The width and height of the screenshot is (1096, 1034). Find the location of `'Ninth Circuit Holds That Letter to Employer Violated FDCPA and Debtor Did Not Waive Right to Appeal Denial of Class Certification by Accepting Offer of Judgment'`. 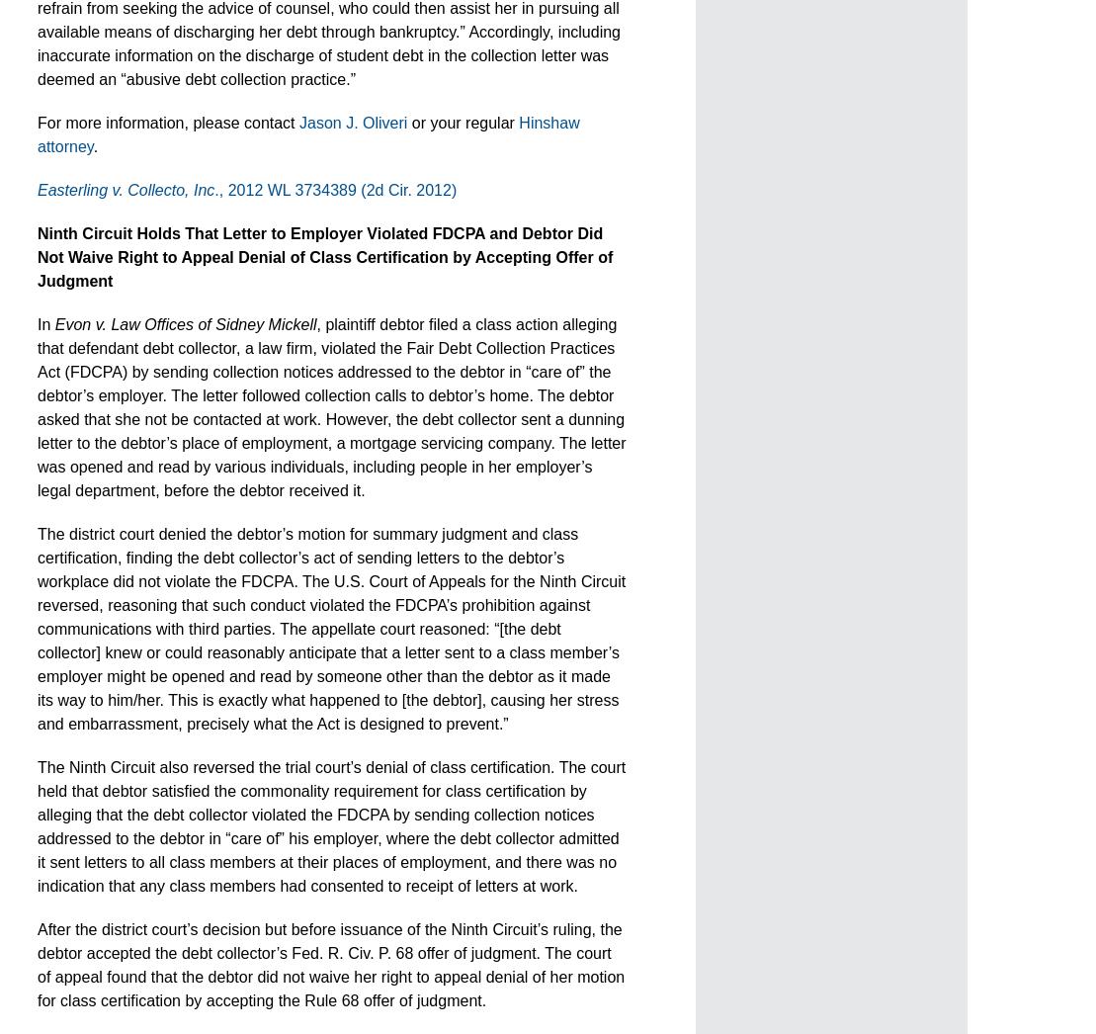

'Ninth Circuit Holds That Letter to Employer Violated FDCPA and Debtor Did Not Waive Right to Appeal Denial of Class Certification by Accepting Offer of Judgment' is located at coordinates (38, 256).